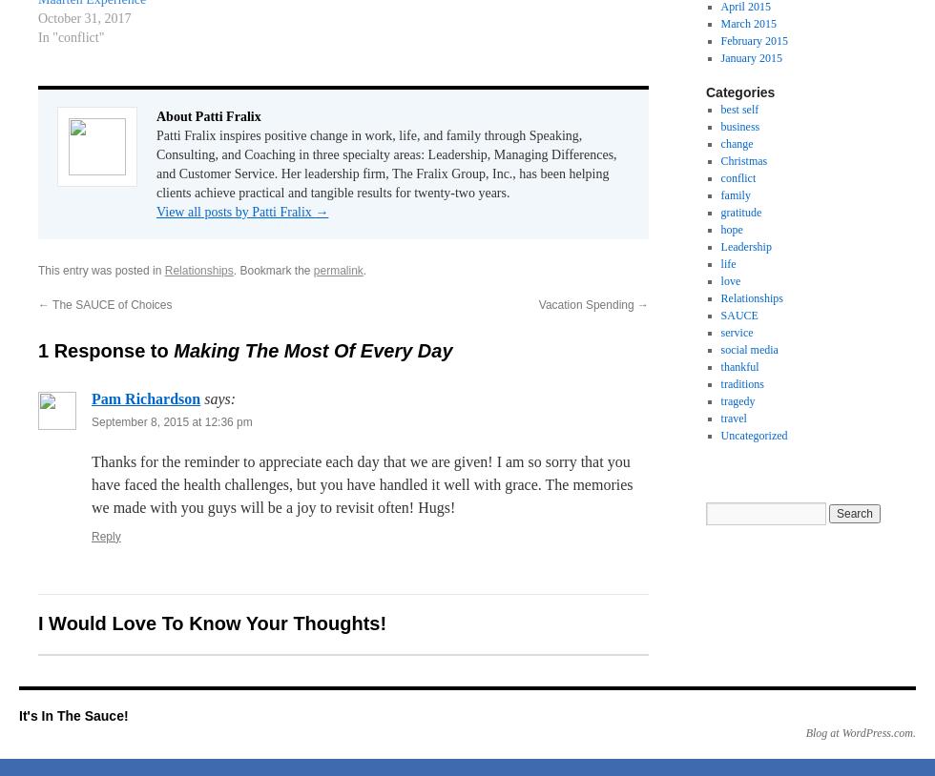 The image size is (935, 776). Describe the element at coordinates (860, 732) in the screenshot. I see `'Blog at WordPress.com.'` at that location.